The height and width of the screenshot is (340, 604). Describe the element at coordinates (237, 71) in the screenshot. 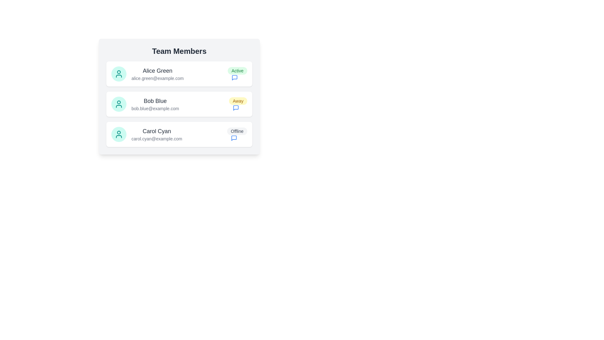

I see `the green pill-shaped badge that indicates 'Active', located to the right of user 'Alice Green' in the user information section` at that location.